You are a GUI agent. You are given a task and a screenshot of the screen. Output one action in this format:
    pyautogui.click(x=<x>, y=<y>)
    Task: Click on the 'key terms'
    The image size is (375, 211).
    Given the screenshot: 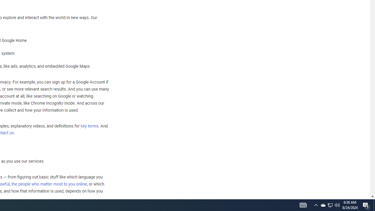 What is the action you would take?
    pyautogui.click(x=89, y=126)
    